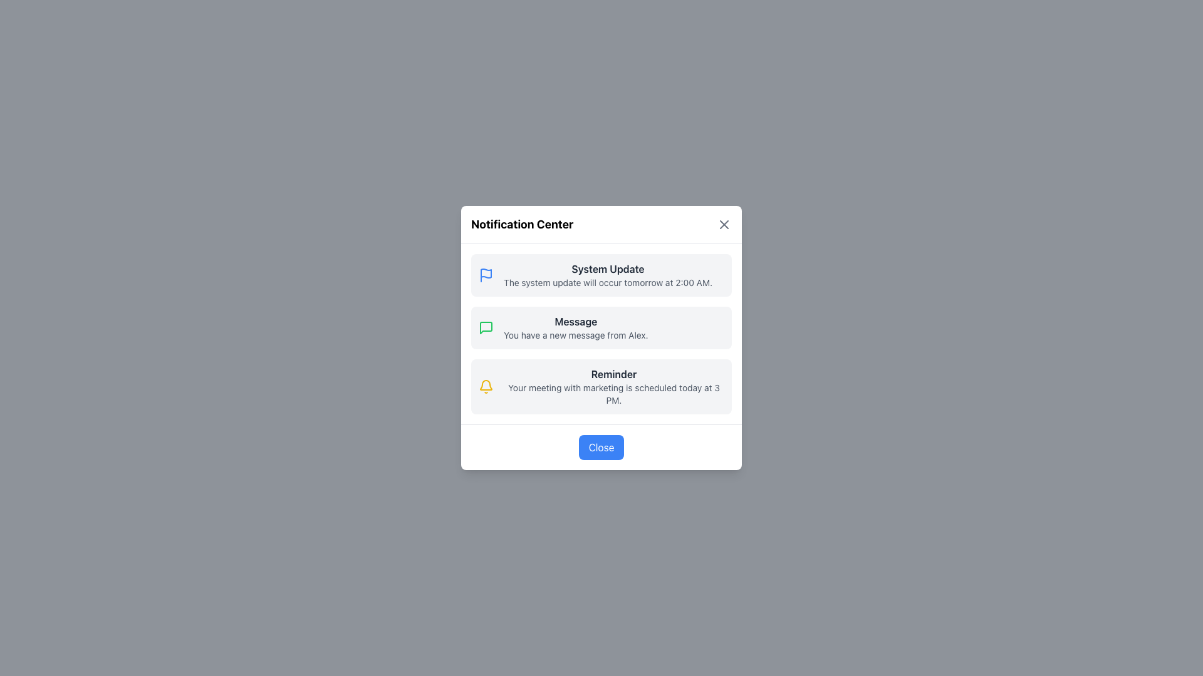 The width and height of the screenshot is (1203, 676). What do you see at coordinates (486, 274) in the screenshot?
I see `the small blue flag icon located at the far left of the 'System Update' notification box` at bounding box center [486, 274].